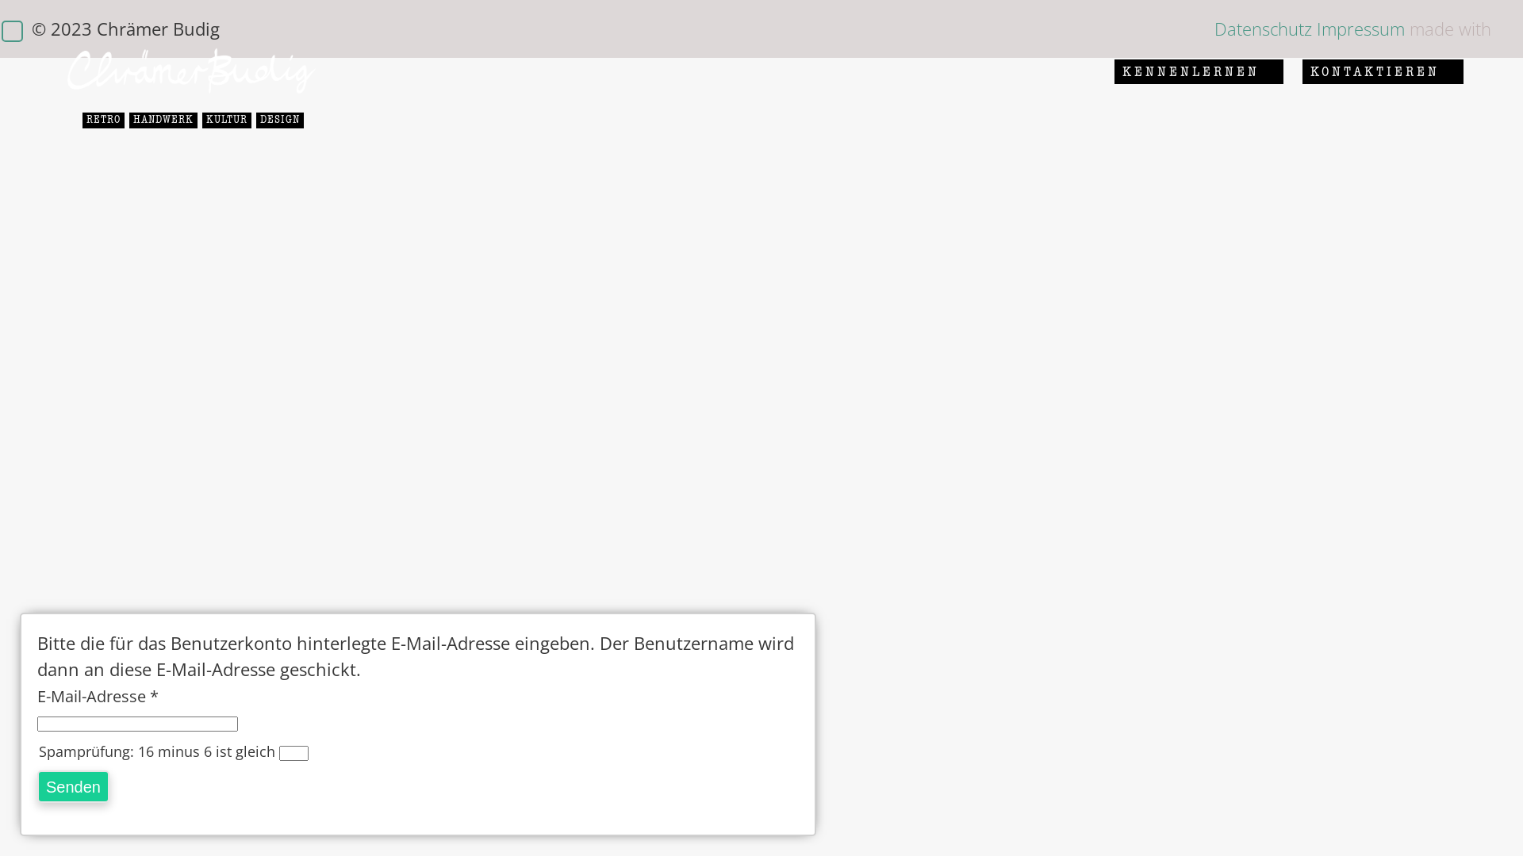  Describe the element at coordinates (1450, 28) in the screenshot. I see `'made with'` at that location.